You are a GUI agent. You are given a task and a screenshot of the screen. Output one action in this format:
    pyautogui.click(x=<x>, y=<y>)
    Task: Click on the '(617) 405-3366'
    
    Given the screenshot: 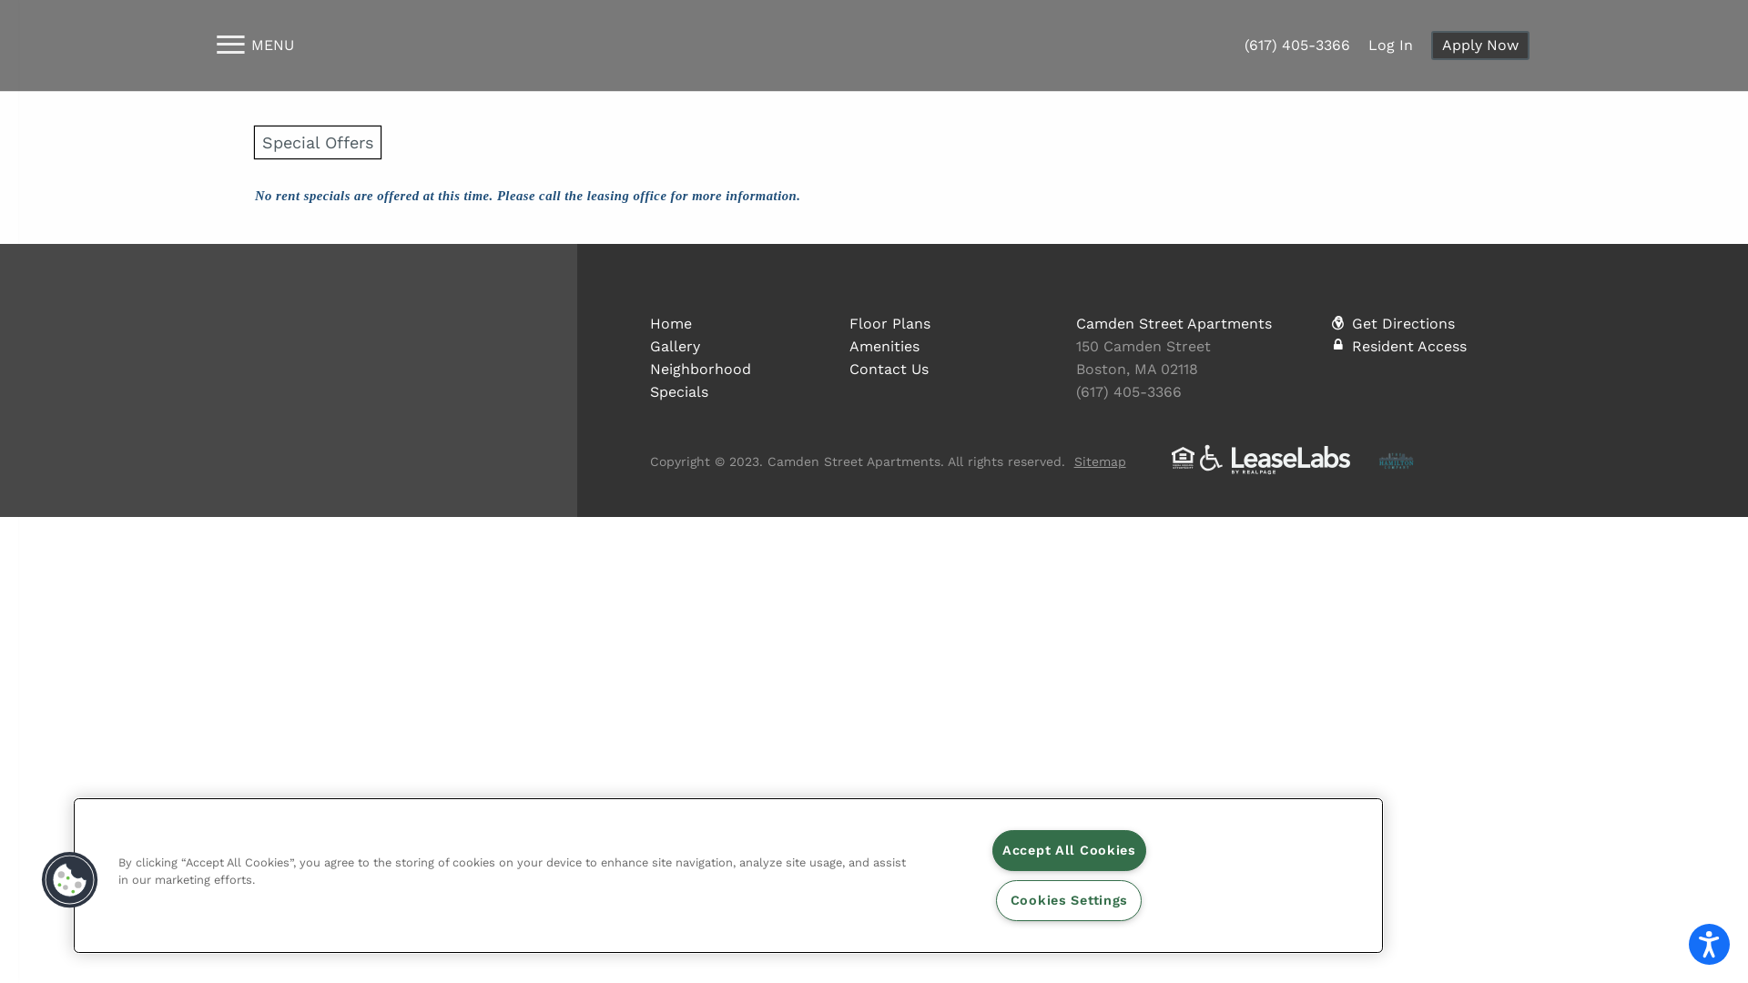 What is the action you would take?
    pyautogui.click(x=1296, y=45)
    